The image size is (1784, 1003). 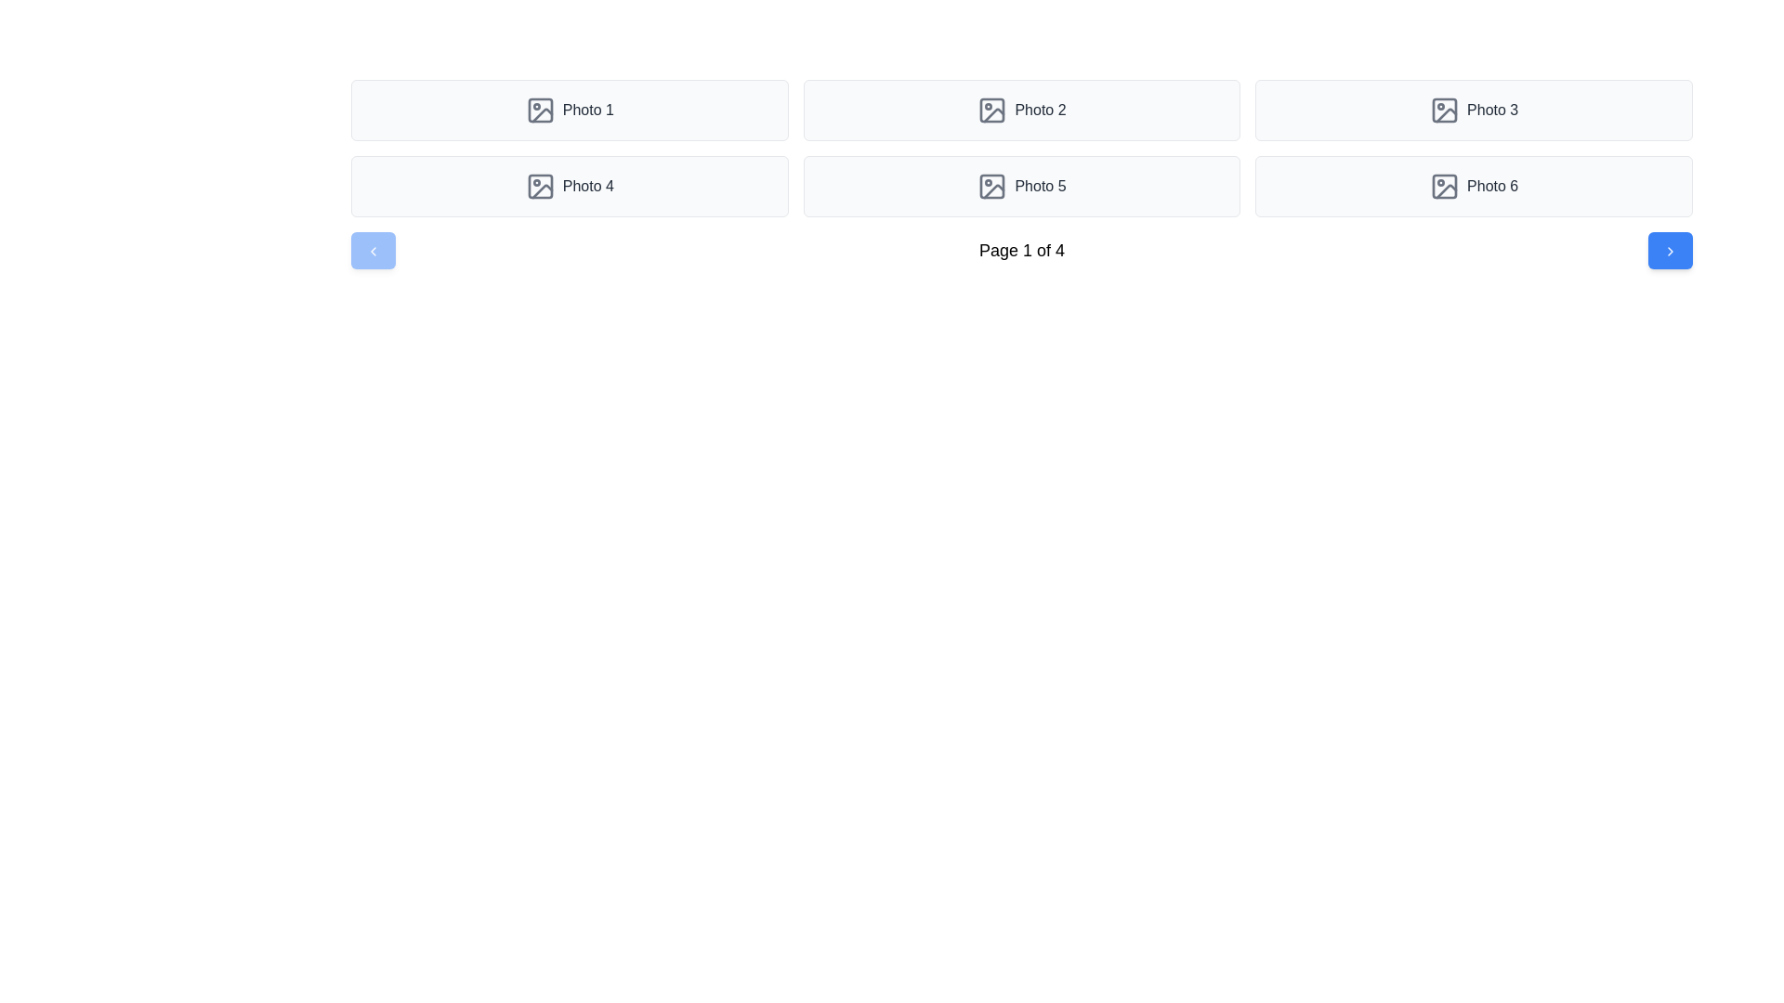 What do you see at coordinates (539, 186) in the screenshot?
I see `image upload icon located inside the card labeled 'Photo 4', positioned horizontally between the text 'Photo 4' and vertically centered in the card` at bounding box center [539, 186].